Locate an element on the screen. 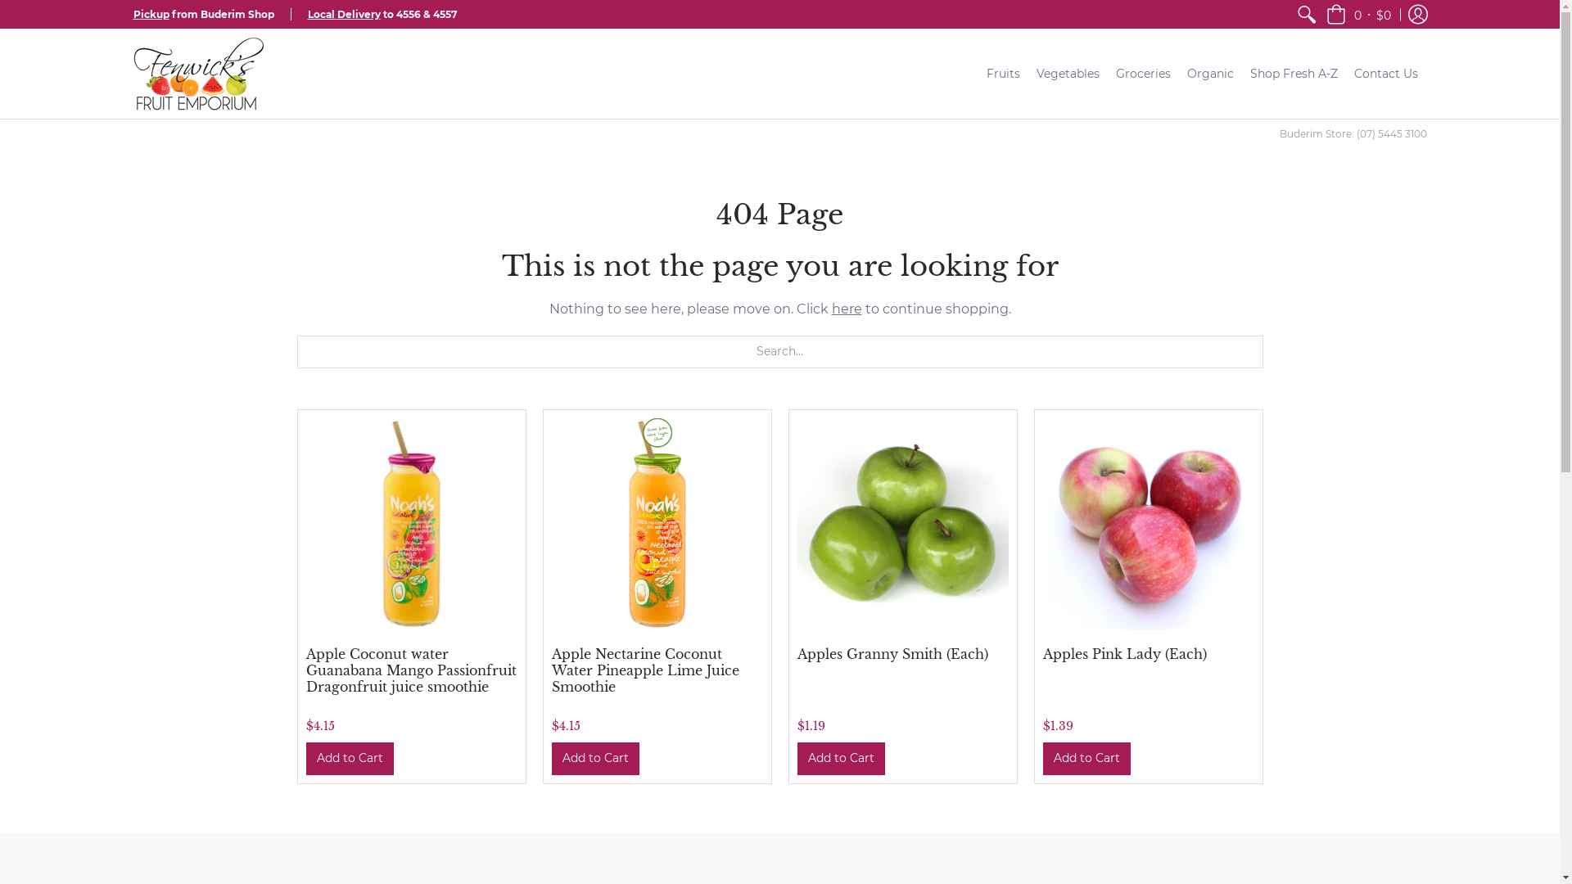  'Local Delivery' is located at coordinates (343, 14).